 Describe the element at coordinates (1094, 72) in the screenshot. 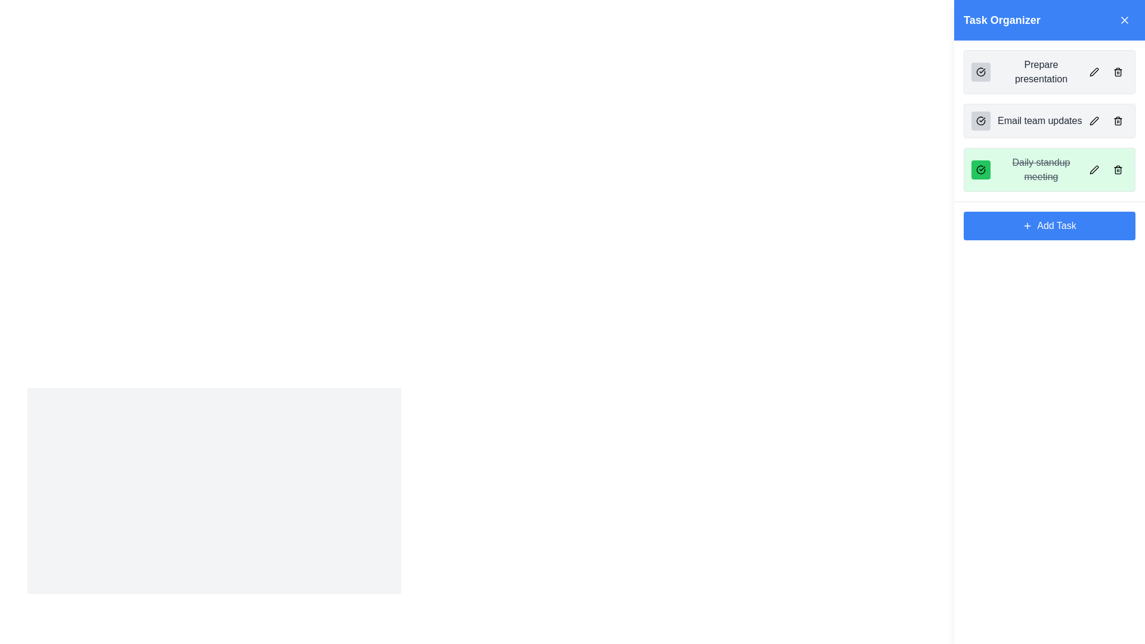

I see `the pen icon located to the right of the 'Prepare presentation' task in the 'Task Organizer' sidebar` at that location.